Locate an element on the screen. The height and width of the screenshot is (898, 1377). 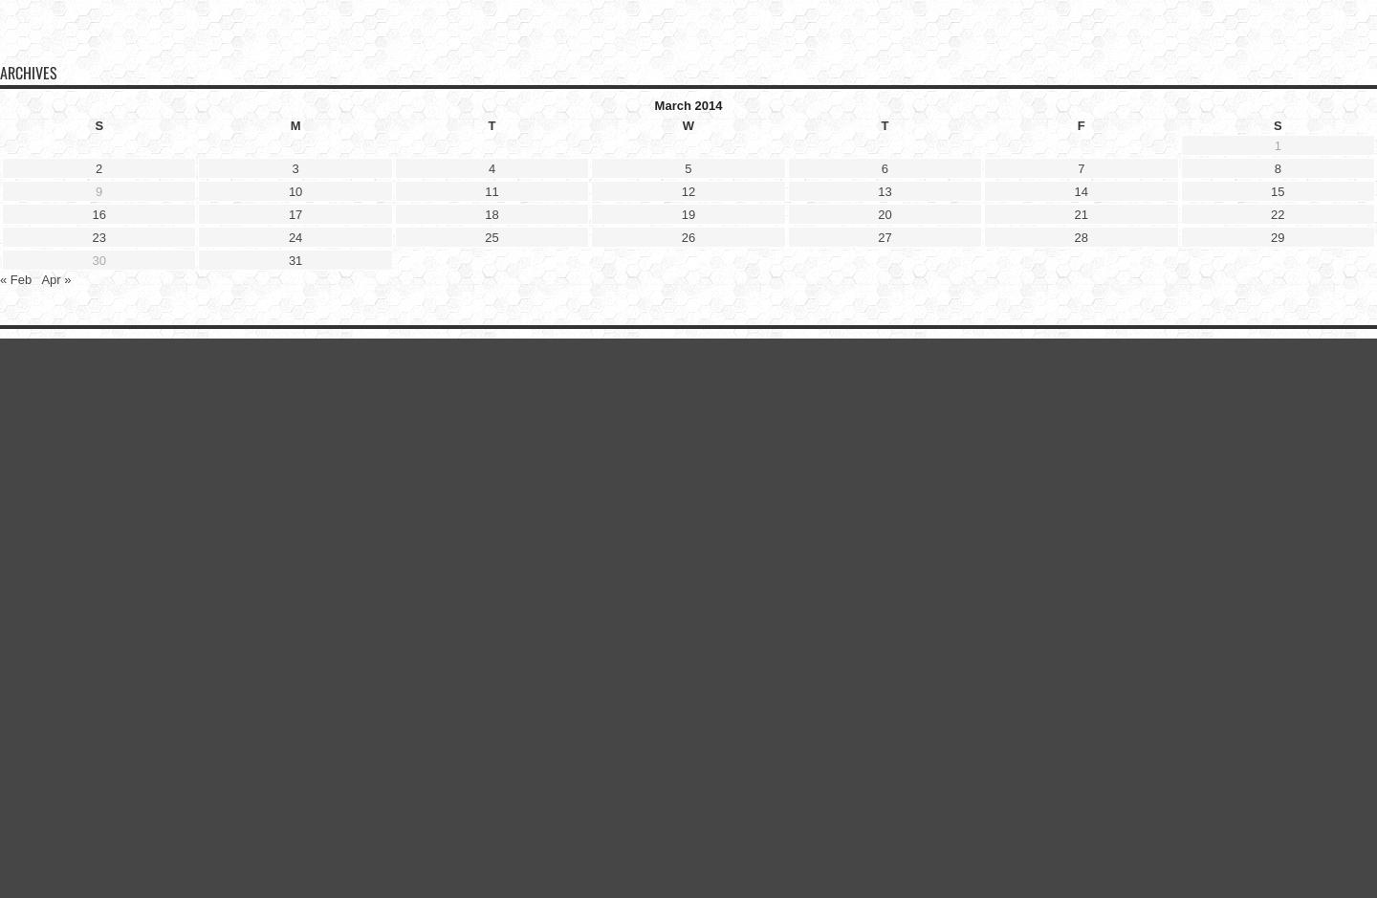
'30' is located at coordinates (98, 258).